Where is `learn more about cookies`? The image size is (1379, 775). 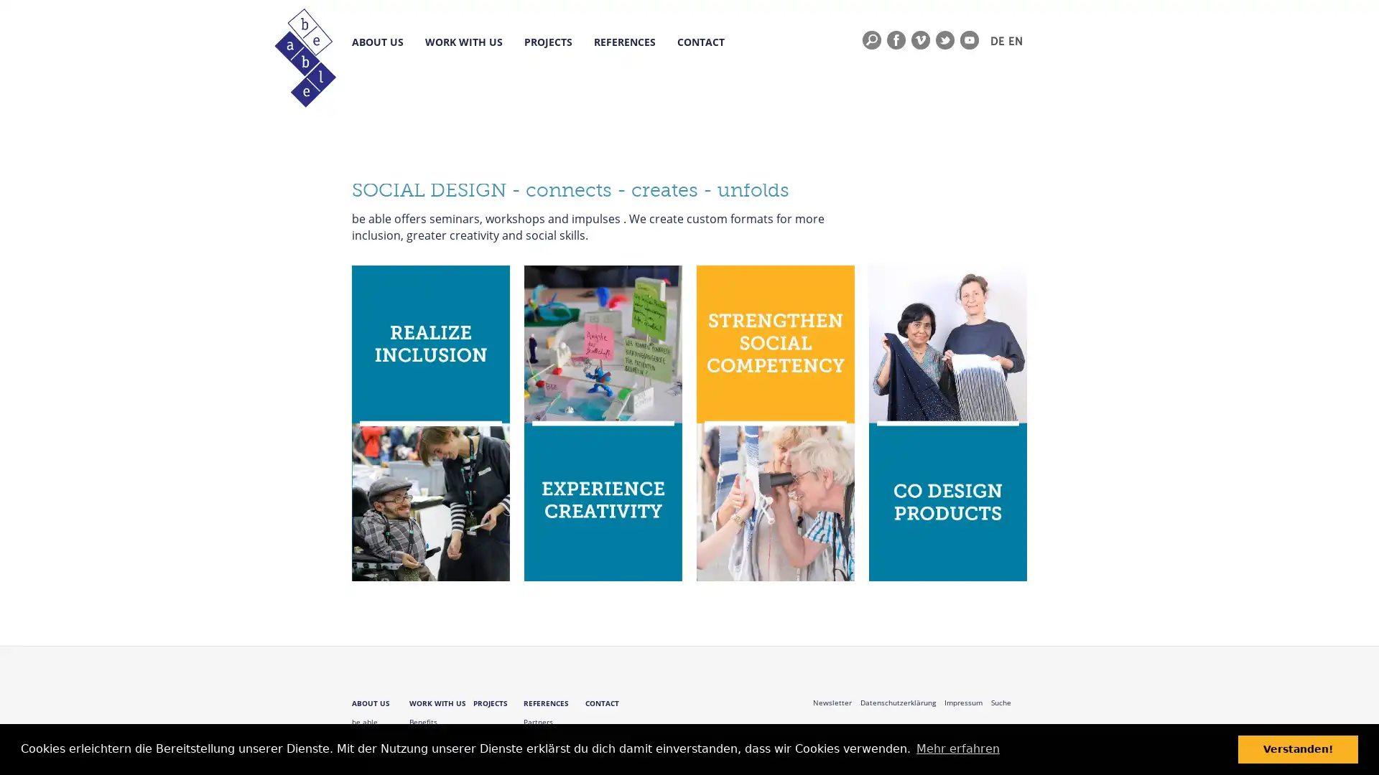 learn more about cookies is located at coordinates (957, 748).